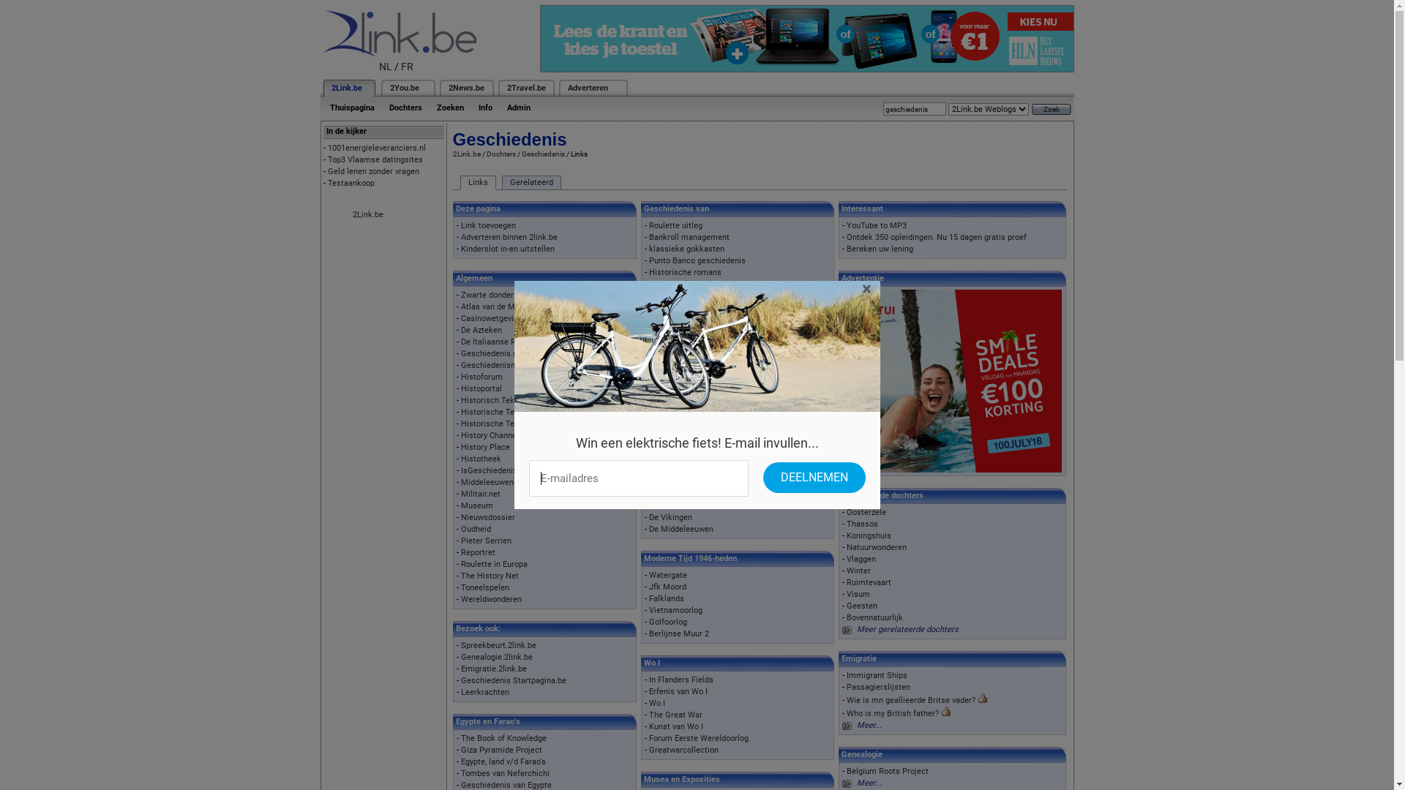 The height and width of the screenshot is (790, 1405). I want to click on 'YouTube to MP3', so click(877, 225).